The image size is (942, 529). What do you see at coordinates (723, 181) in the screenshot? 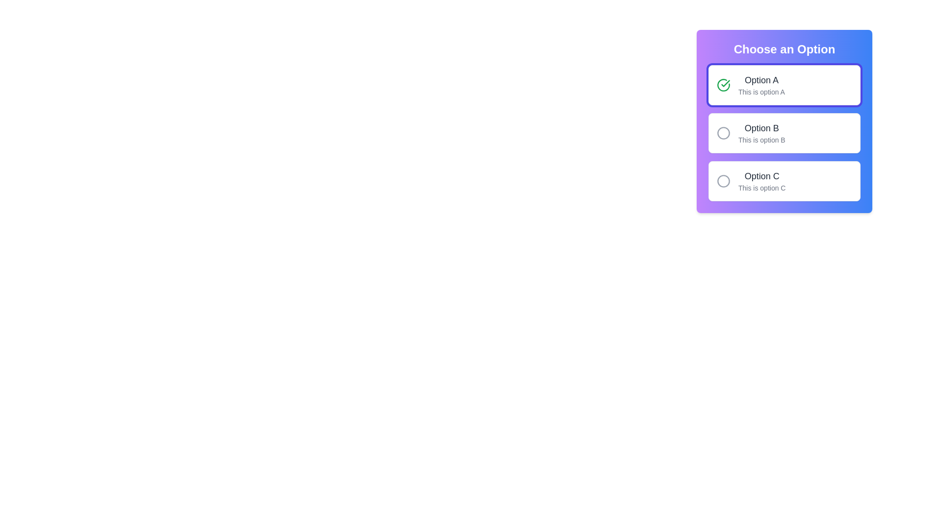
I see `the circular icon representing the selection status of 'Option C' in the vertical list of options` at bounding box center [723, 181].